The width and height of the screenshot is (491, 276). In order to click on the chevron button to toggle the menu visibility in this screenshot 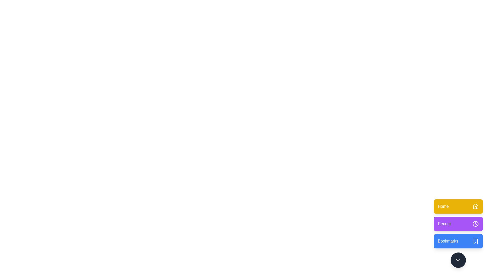, I will do `click(458, 260)`.